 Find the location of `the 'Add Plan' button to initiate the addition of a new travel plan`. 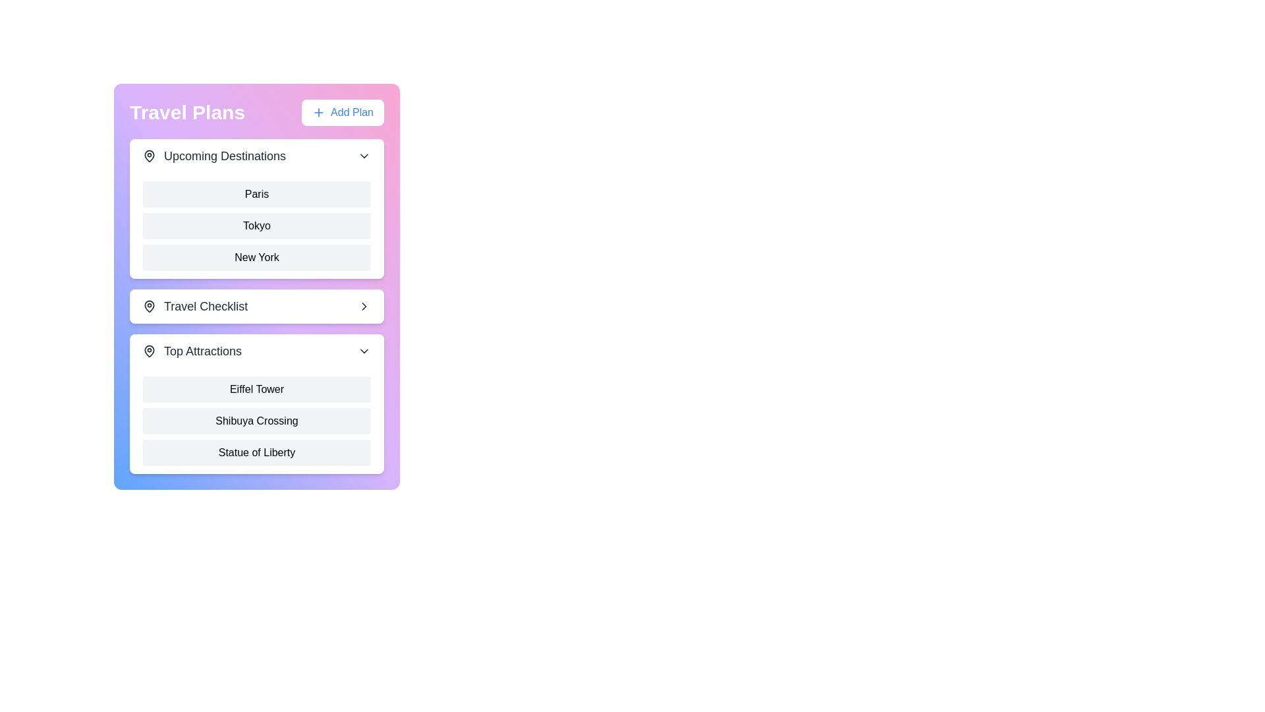

the 'Add Plan' button to initiate the addition of a new travel plan is located at coordinates (342, 111).